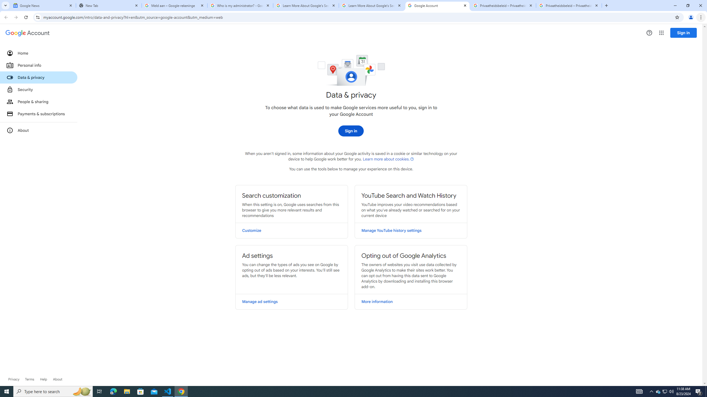  What do you see at coordinates (43, 5) in the screenshot?
I see `'Google News'` at bounding box center [43, 5].